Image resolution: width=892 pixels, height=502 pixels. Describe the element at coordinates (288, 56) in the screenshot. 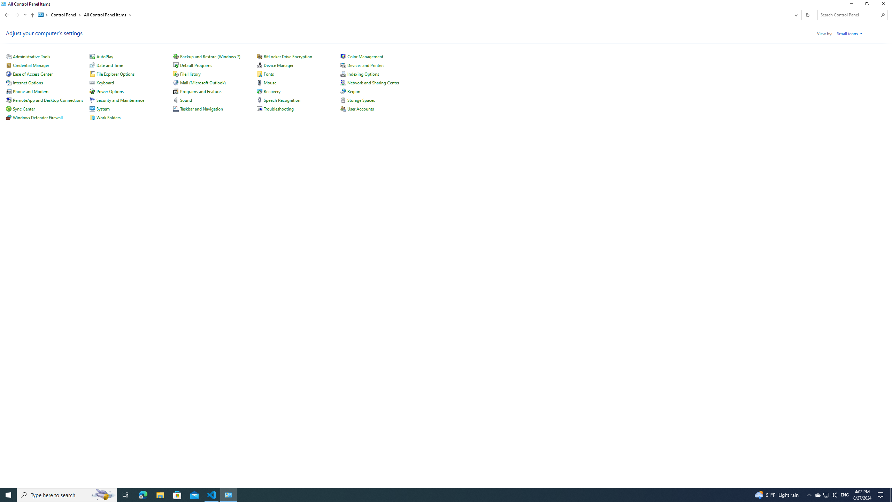

I see `'BitLocker Drive Encryption'` at that location.